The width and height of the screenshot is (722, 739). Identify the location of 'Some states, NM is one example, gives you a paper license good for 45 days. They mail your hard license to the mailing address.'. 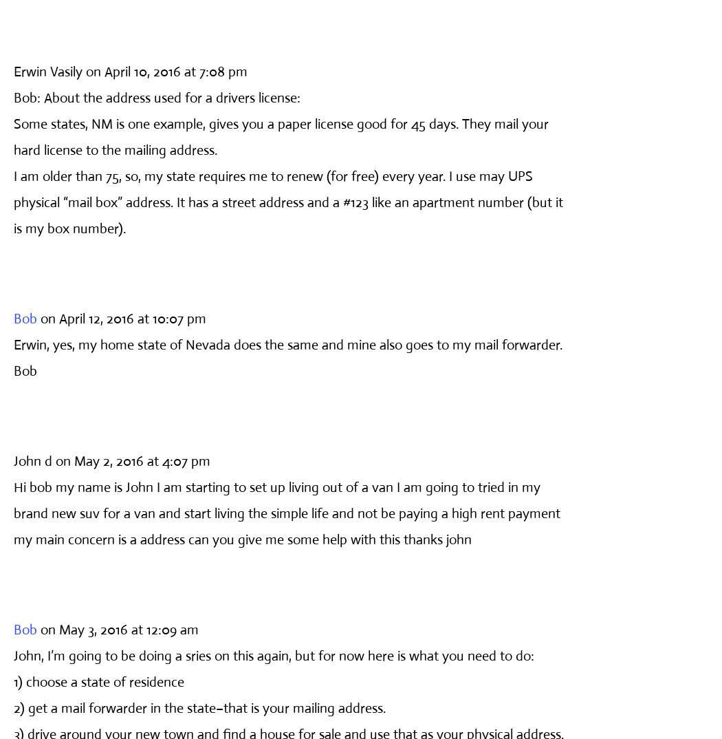
(281, 136).